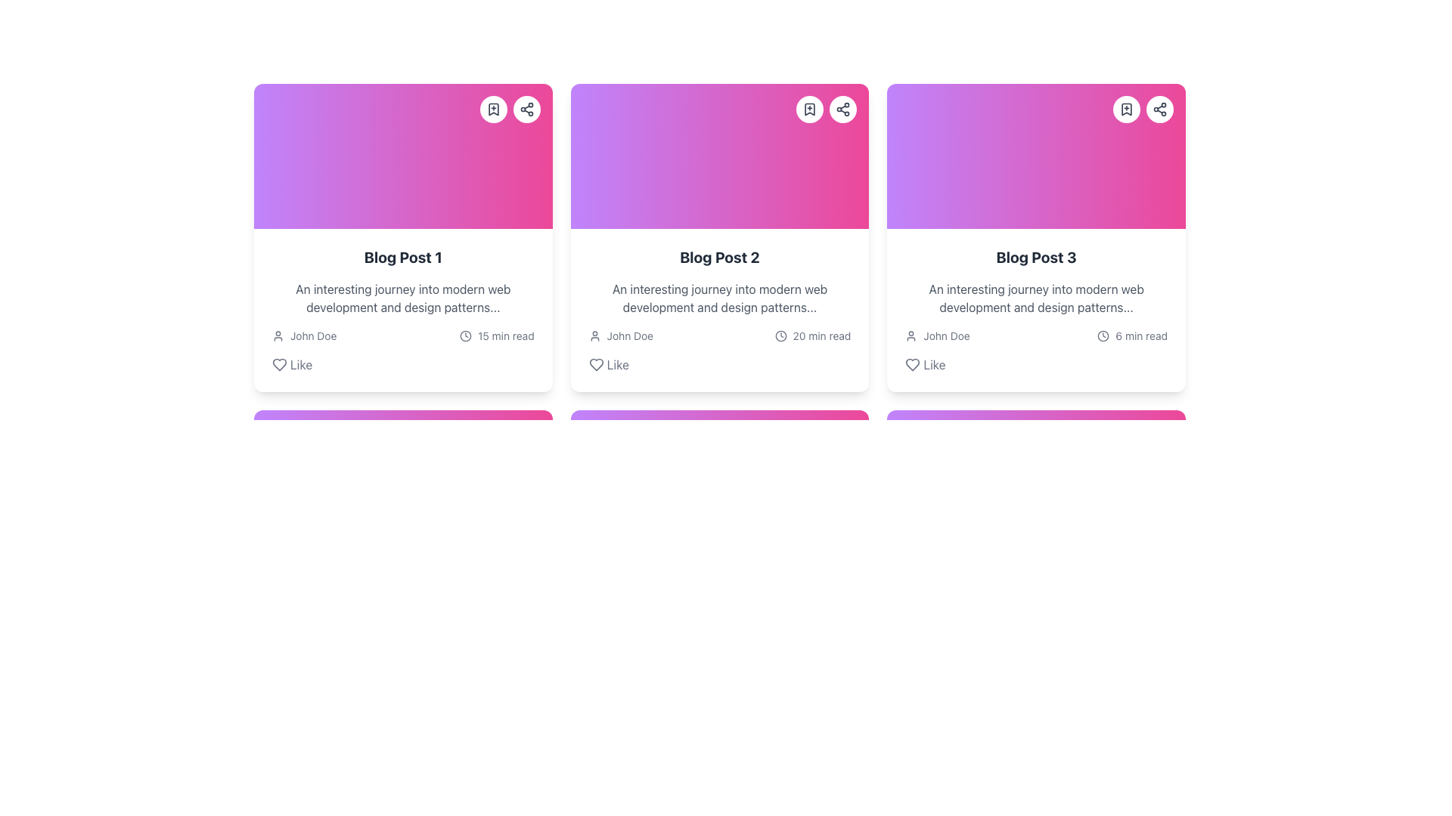  I want to click on the Share Button icon, which is represented by three connected circles forming a triangular shape, located in the top-right corner of the third card, so click(1159, 109).